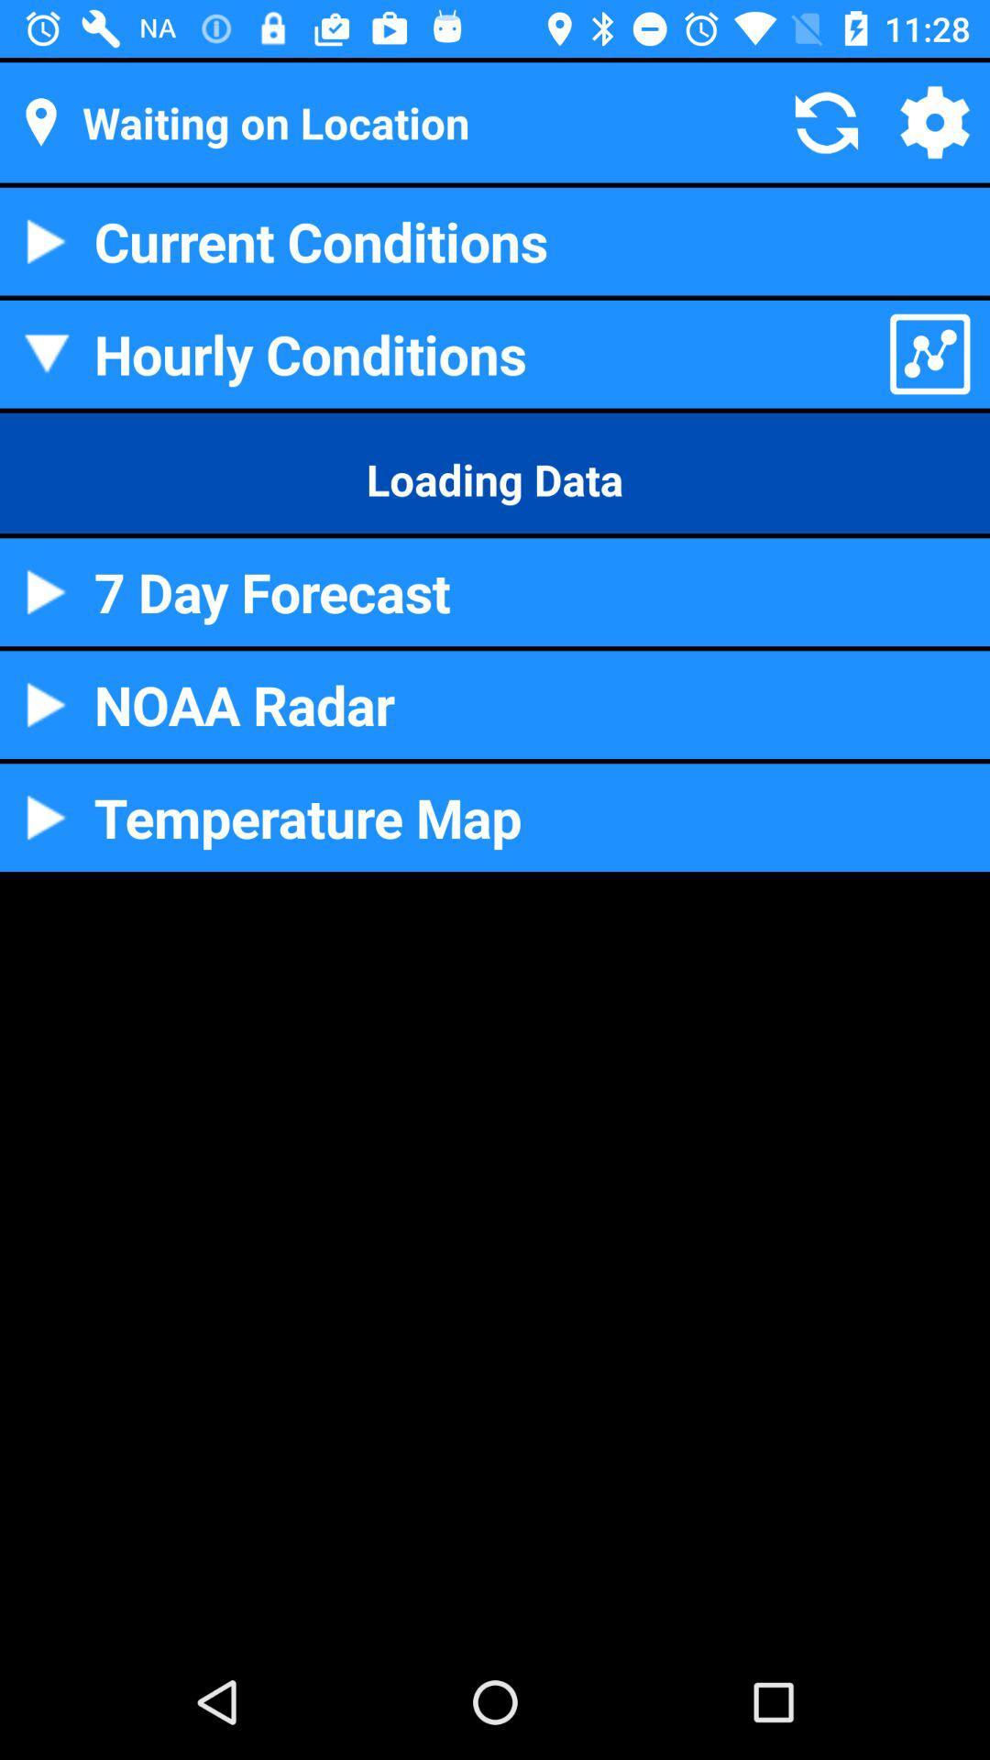 The image size is (990, 1760). Describe the element at coordinates (41, 121) in the screenshot. I see `move to the location icon` at that location.